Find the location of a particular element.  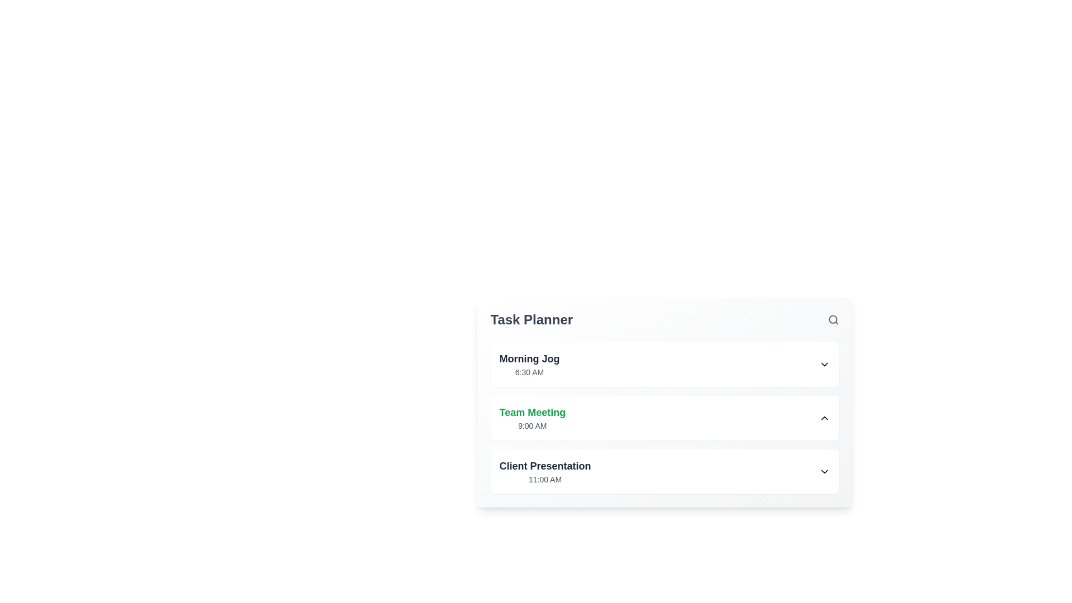

the 'Team Meeting' task box, which has a white background and contains an upward arrow icon is located at coordinates (664, 403).